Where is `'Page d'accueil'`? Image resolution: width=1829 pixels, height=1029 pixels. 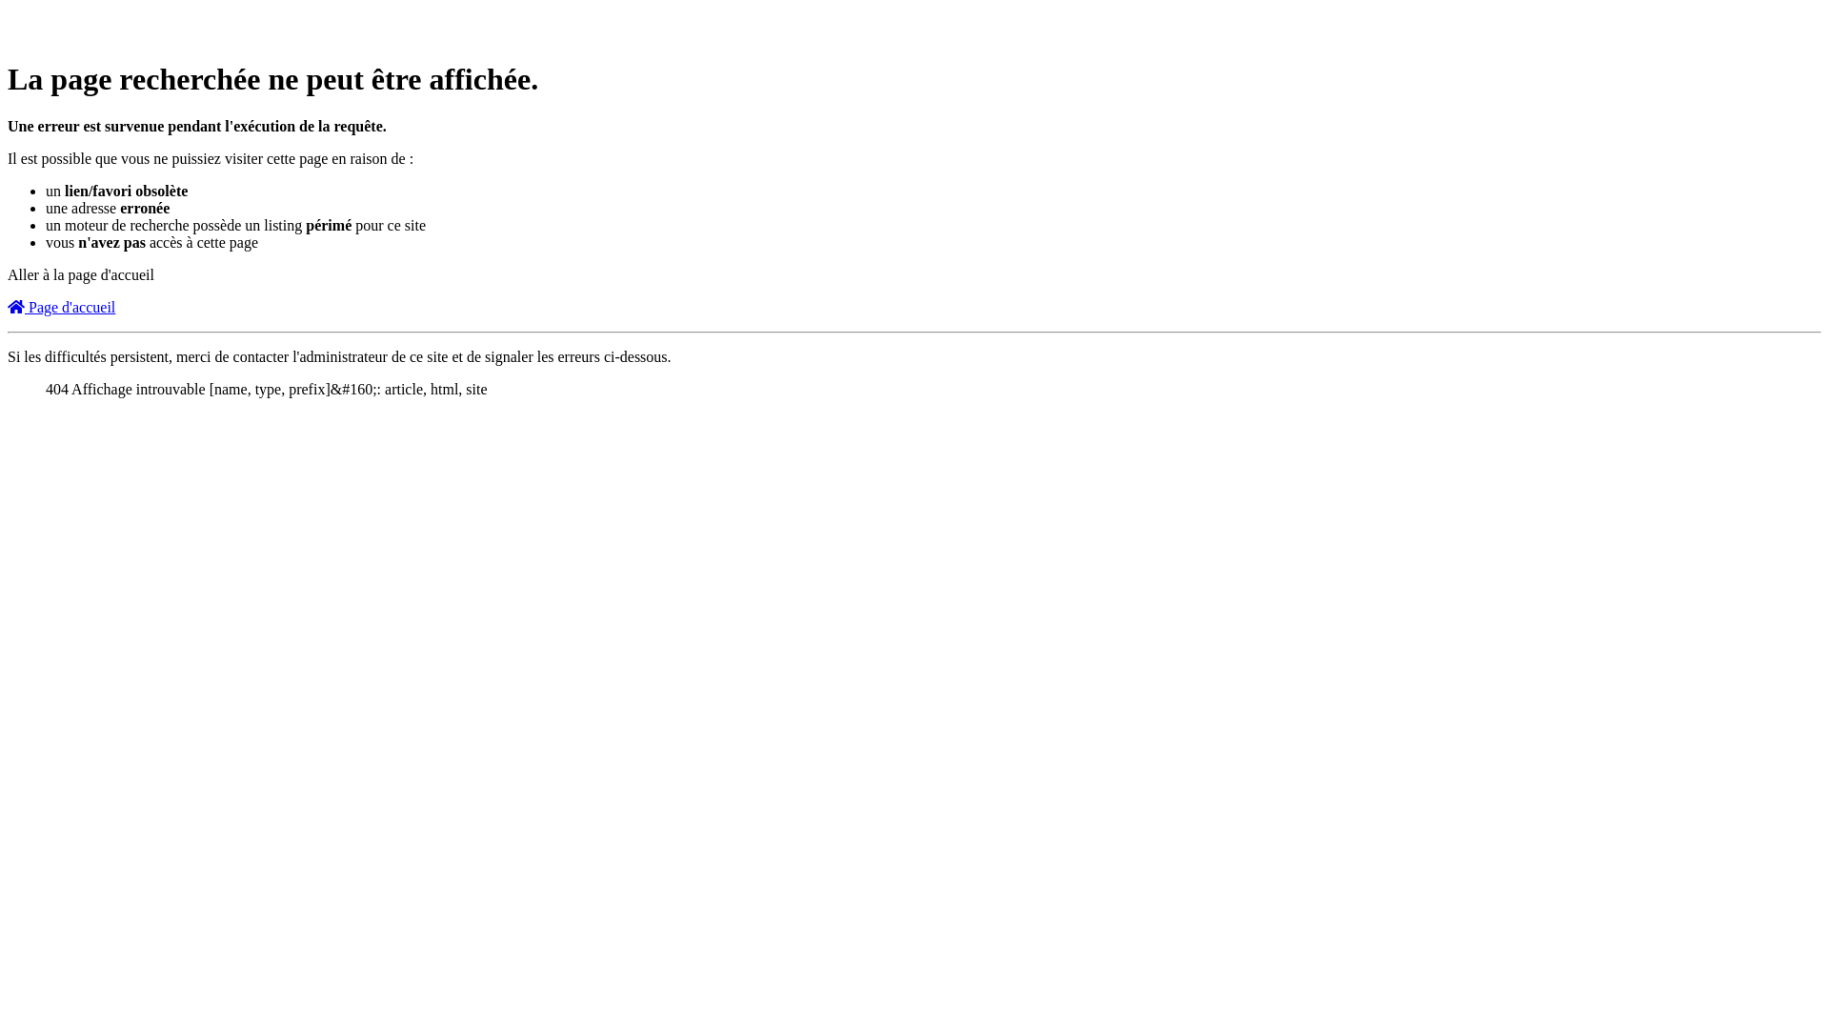 'Page d'accueil' is located at coordinates (61, 306).